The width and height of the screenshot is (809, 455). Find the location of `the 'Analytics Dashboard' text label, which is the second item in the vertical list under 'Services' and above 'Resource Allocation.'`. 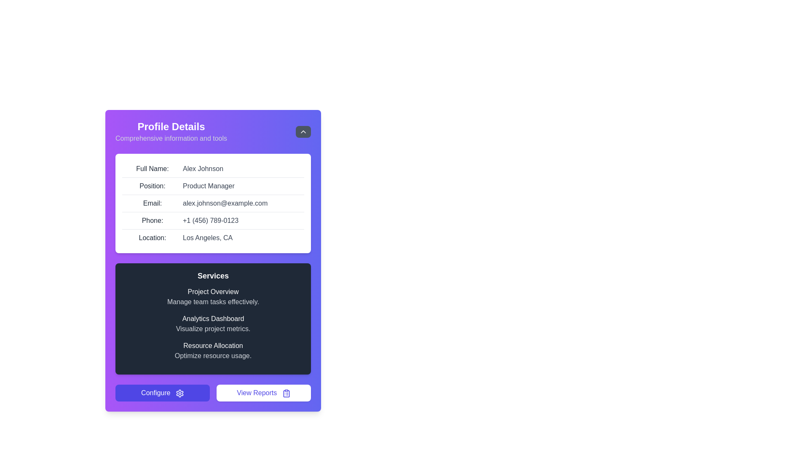

the 'Analytics Dashboard' text label, which is the second item in the vertical list under 'Services' and above 'Resource Allocation.' is located at coordinates (213, 318).